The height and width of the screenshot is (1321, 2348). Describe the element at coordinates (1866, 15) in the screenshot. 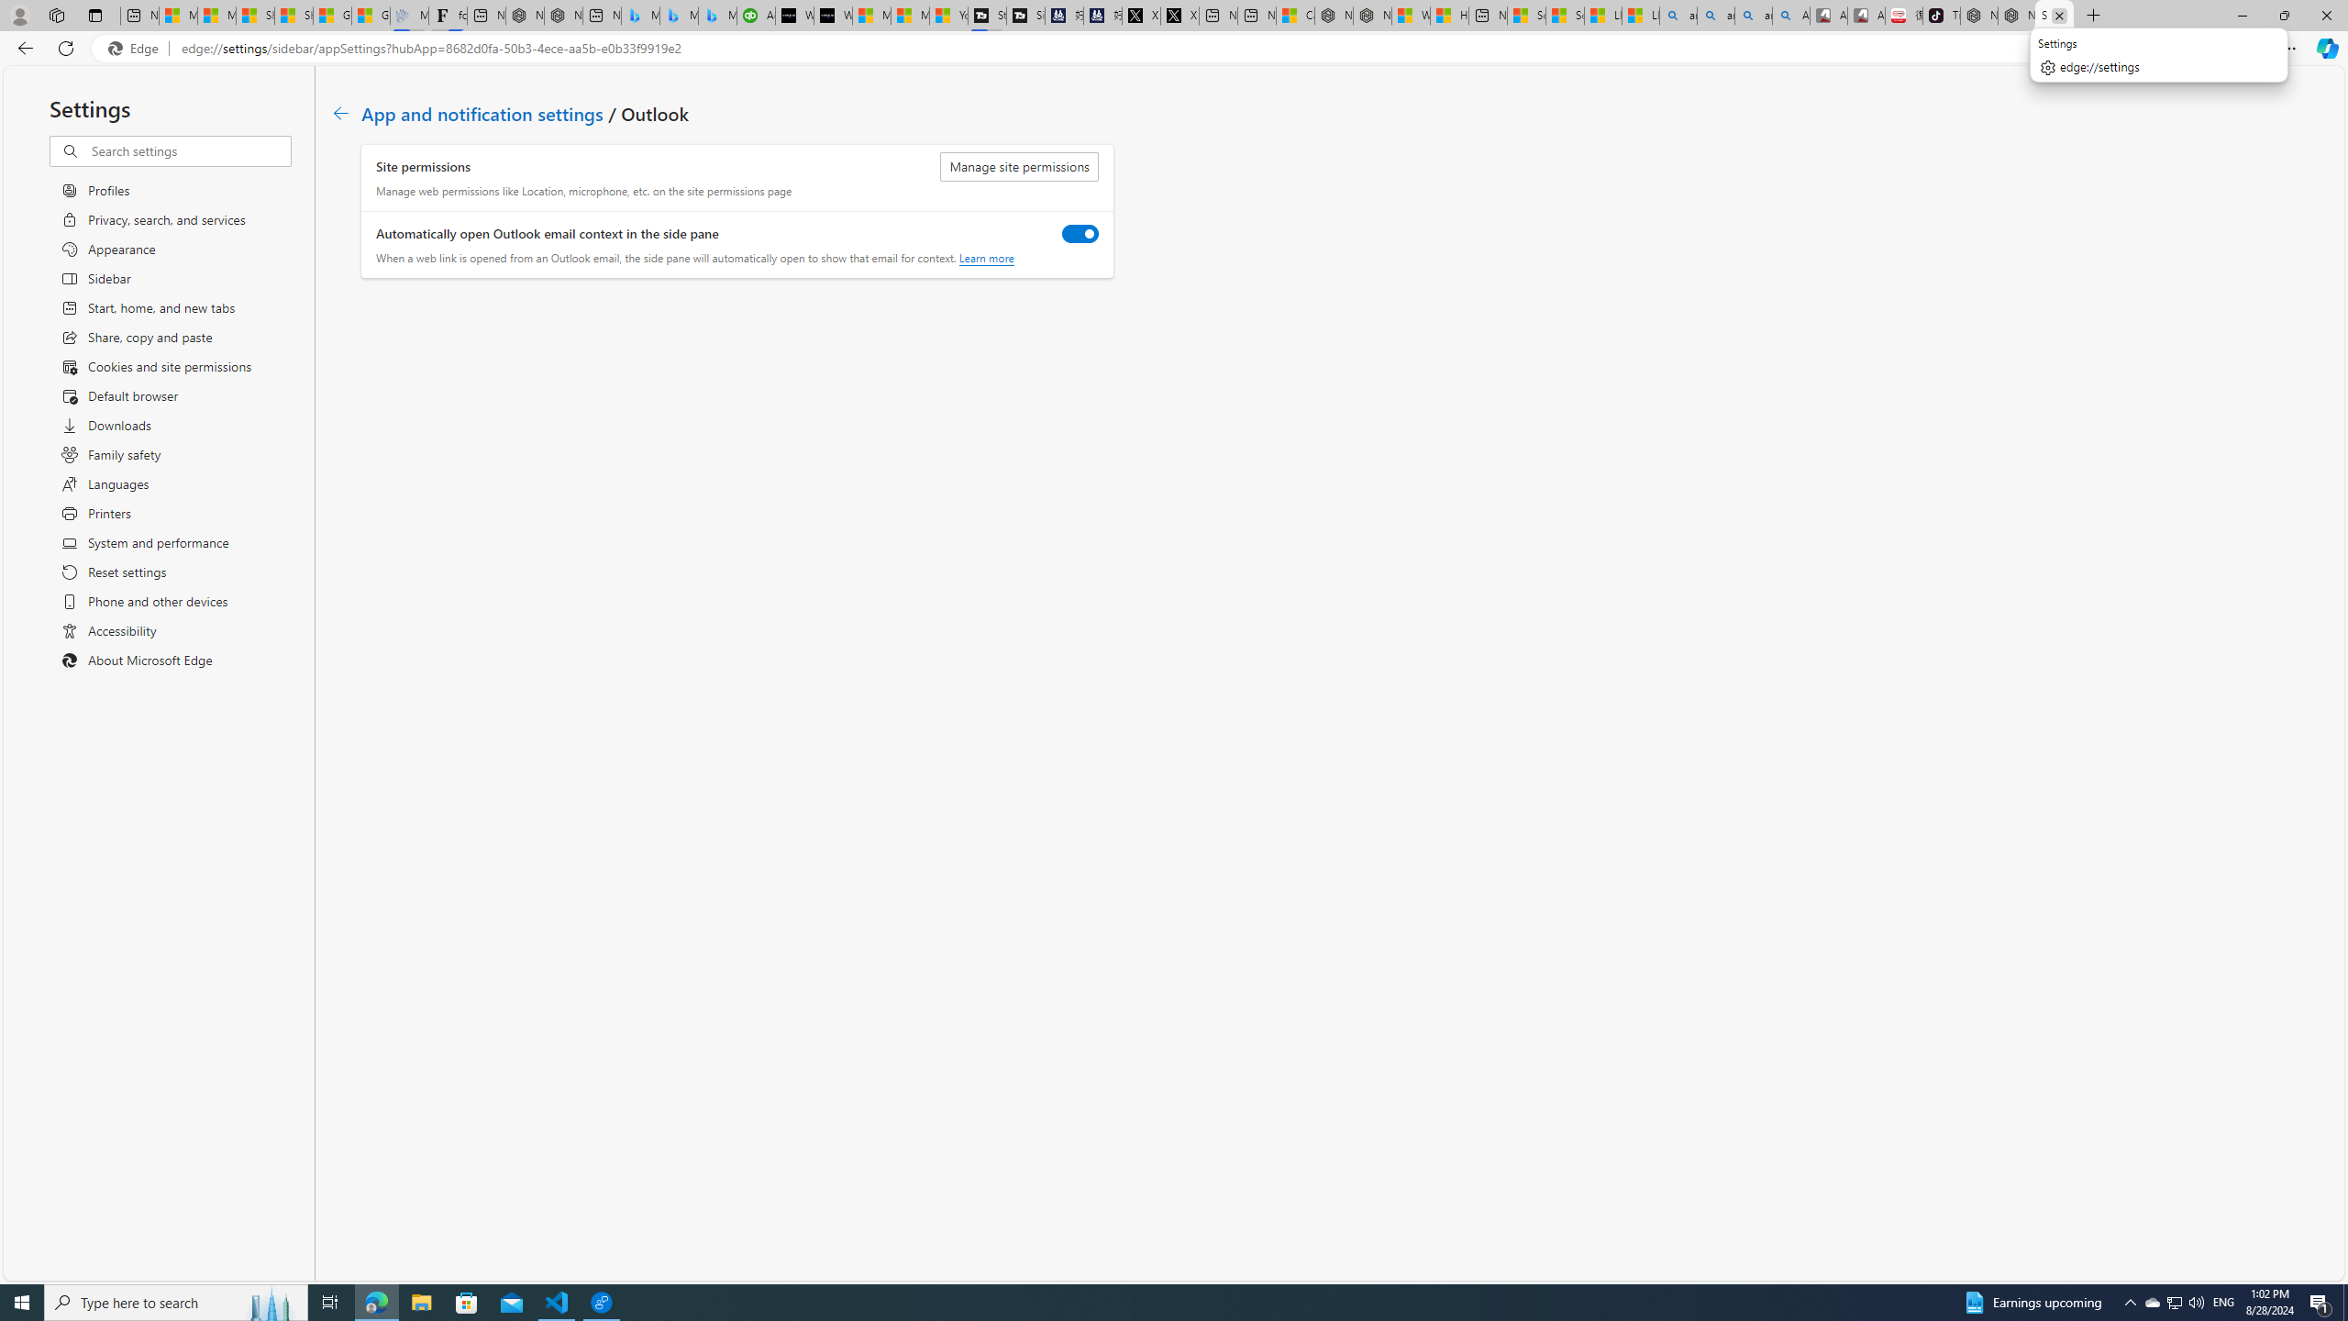

I see `'All Cubot phones'` at that location.